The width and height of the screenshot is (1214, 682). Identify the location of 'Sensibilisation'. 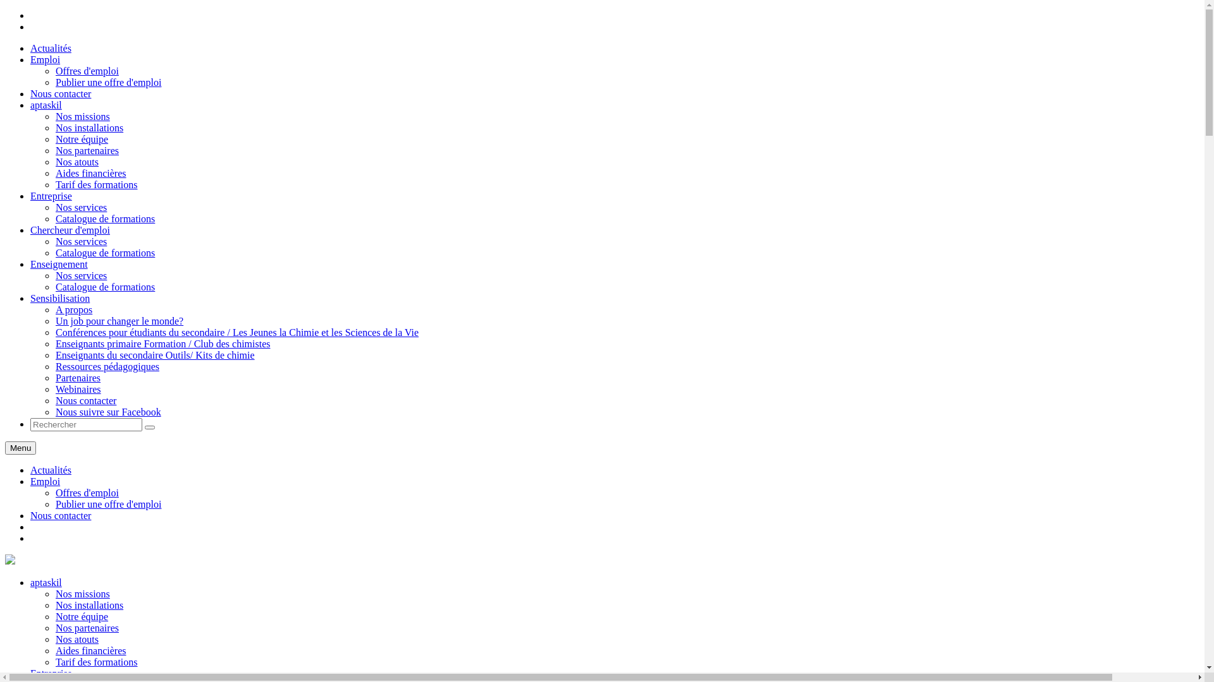
(59, 298).